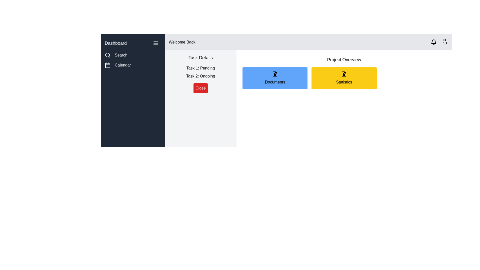  I want to click on the 'Close' button, which is a rectangular red button with white text, located at the bottom of the 'Task Details' section, so click(200, 88).